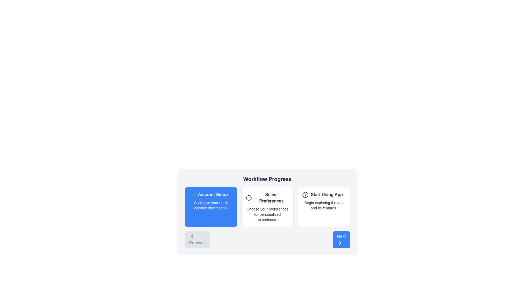  Describe the element at coordinates (324, 207) in the screenshot. I see `the Informational Card titled 'Start Using App', which includes a header in bold and additional text about exploring the app's features` at that location.